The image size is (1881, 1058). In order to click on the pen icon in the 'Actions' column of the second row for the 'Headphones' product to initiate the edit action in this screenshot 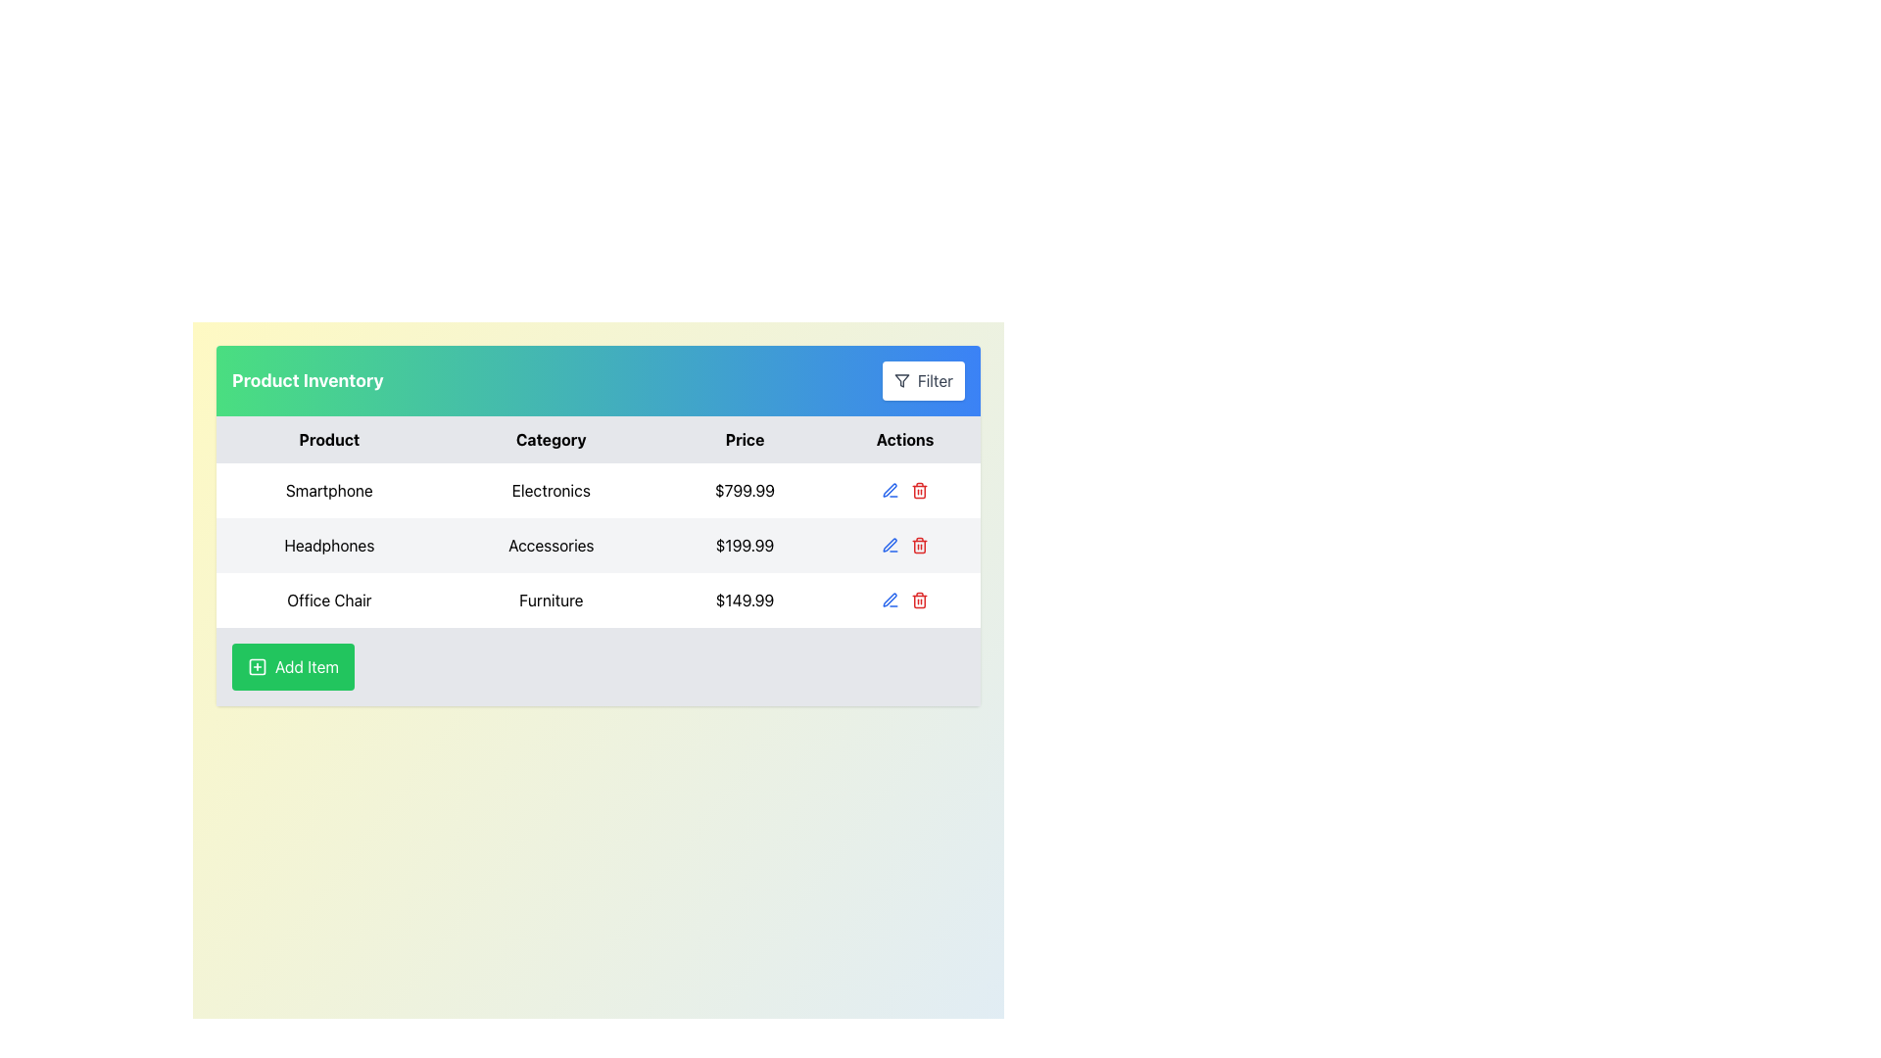, I will do `click(889, 489)`.